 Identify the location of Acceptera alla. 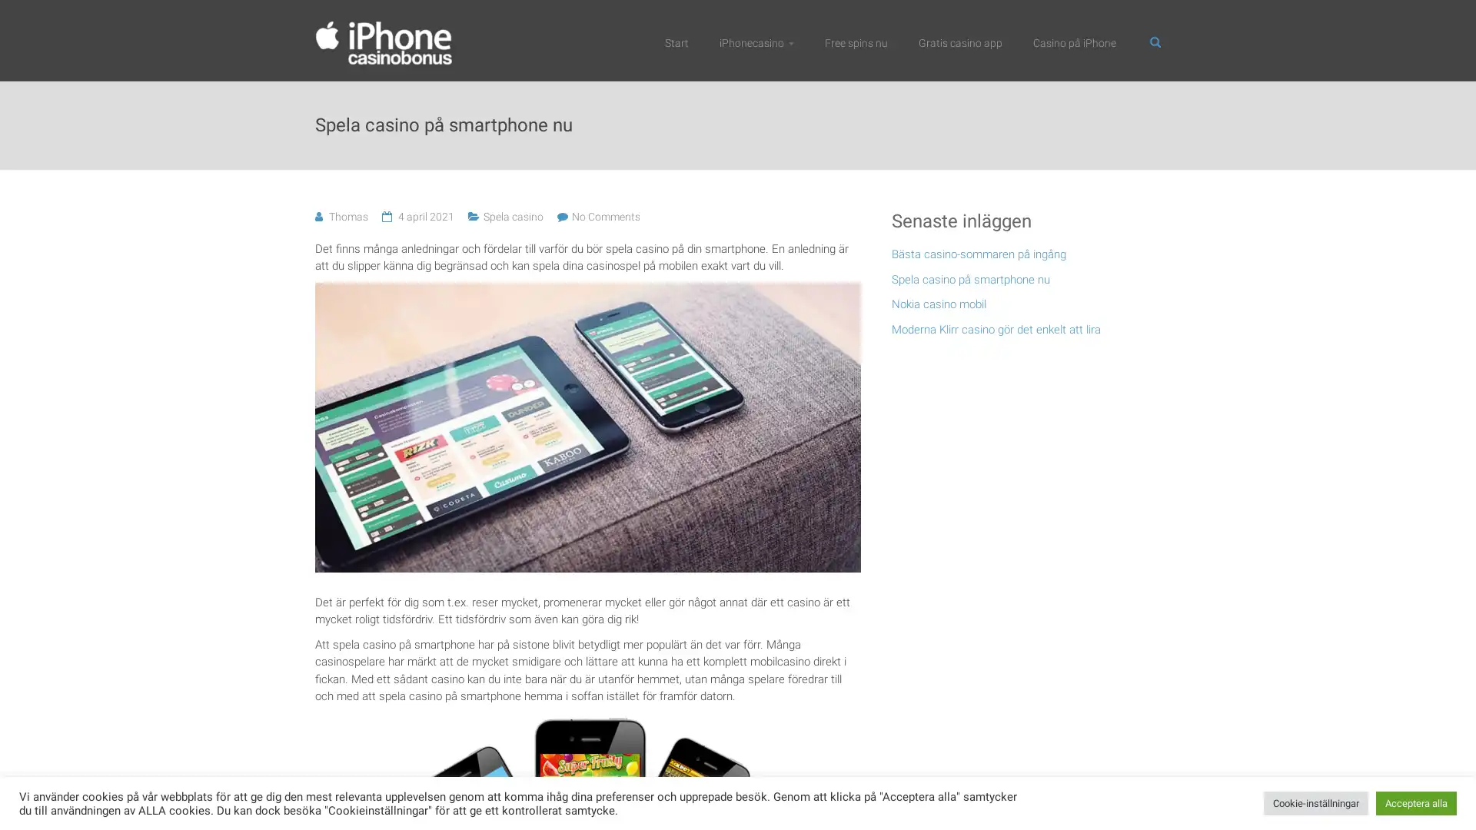
(1415, 802).